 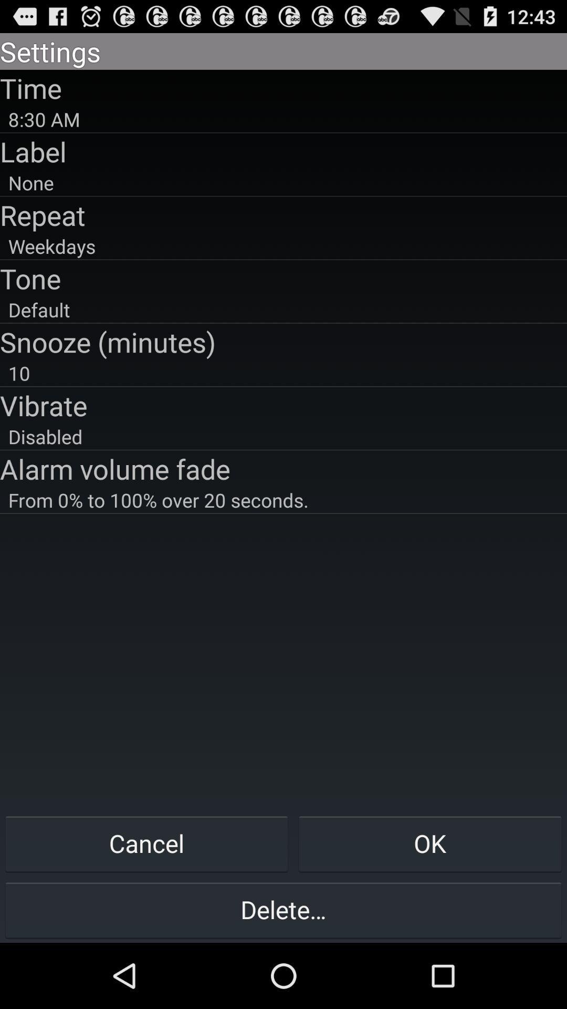 I want to click on the app below 10 item, so click(x=283, y=405).